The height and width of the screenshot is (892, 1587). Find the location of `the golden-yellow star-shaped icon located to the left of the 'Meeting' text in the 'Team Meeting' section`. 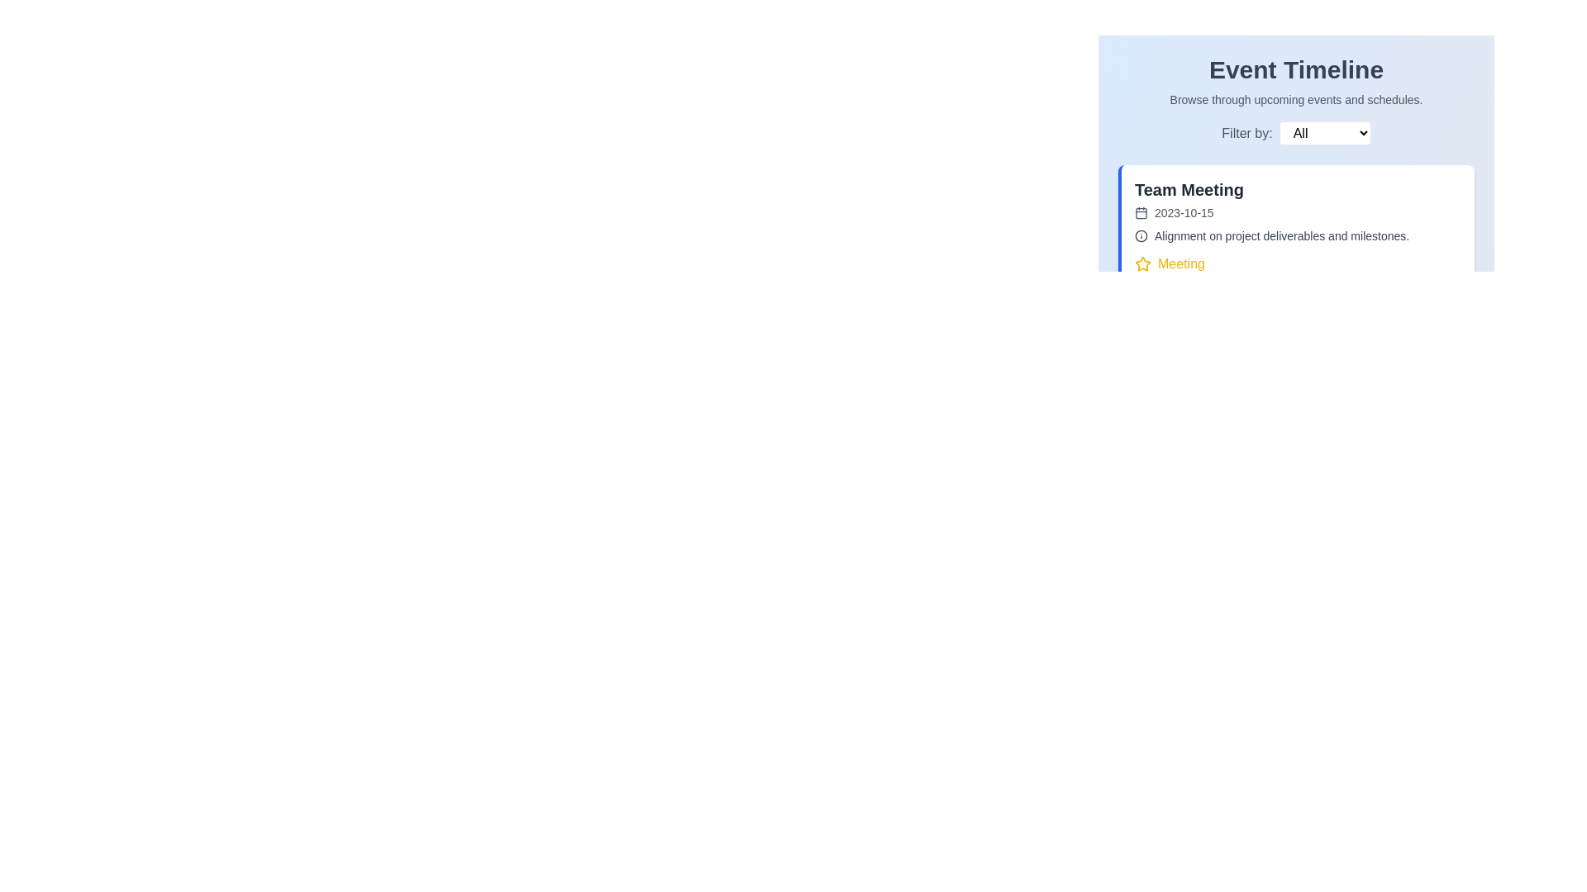

the golden-yellow star-shaped icon located to the left of the 'Meeting' text in the 'Team Meeting' section is located at coordinates (1141, 263).